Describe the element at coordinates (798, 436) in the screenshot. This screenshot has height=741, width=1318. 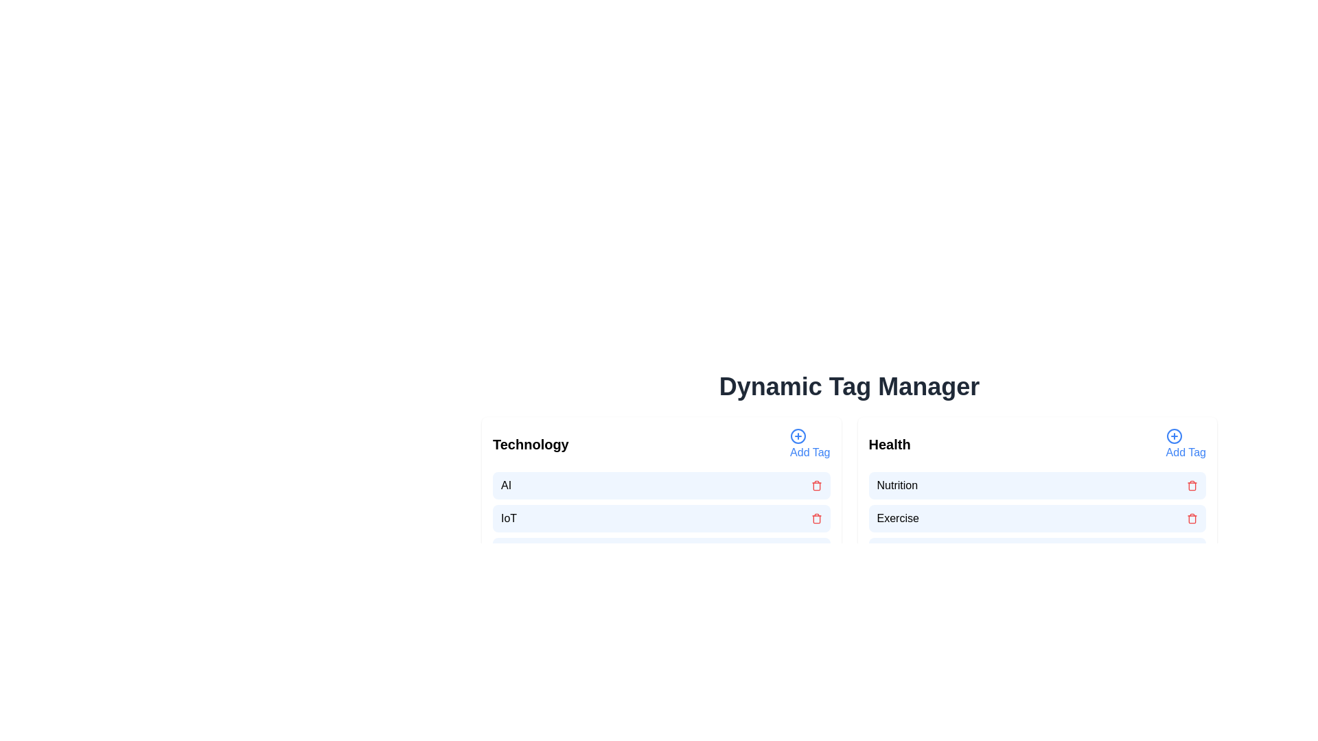
I see `the circular graphical icon component located to the right of the 'Technology' header` at that location.